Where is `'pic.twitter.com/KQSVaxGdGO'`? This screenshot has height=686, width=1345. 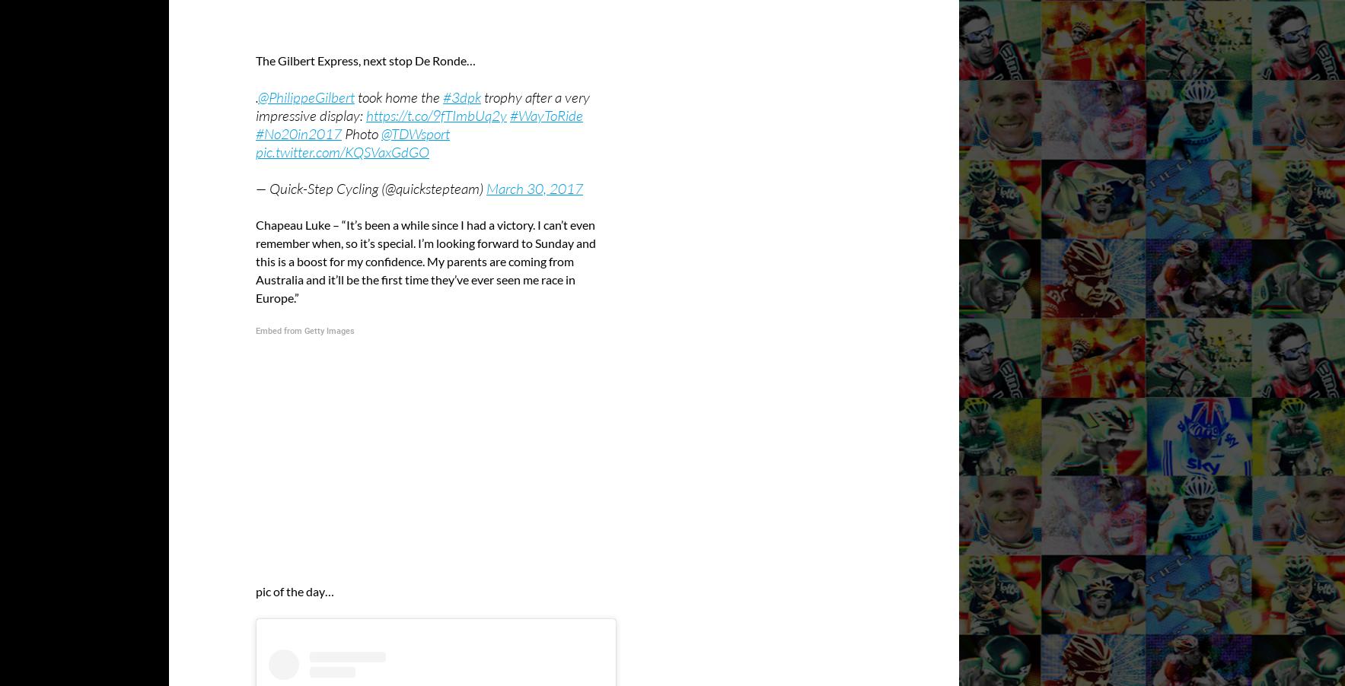 'pic.twitter.com/KQSVaxGdGO' is located at coordinates (343, 150).